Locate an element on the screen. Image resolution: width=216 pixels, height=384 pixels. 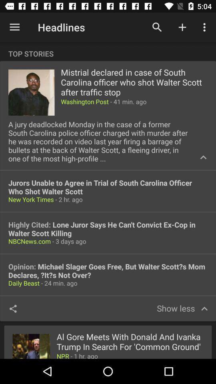
the text in the option at the bottom of the page is located at coordinates (130, 342).